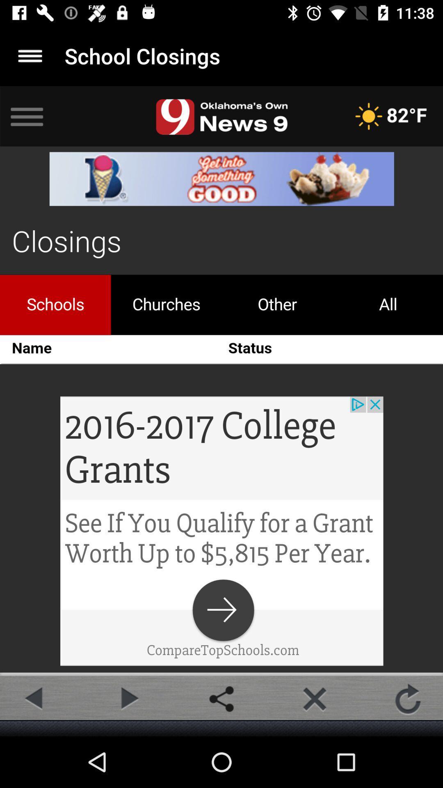 This screenshot has height=788, width=443. I want to click on the play icon, so click(128, 699).